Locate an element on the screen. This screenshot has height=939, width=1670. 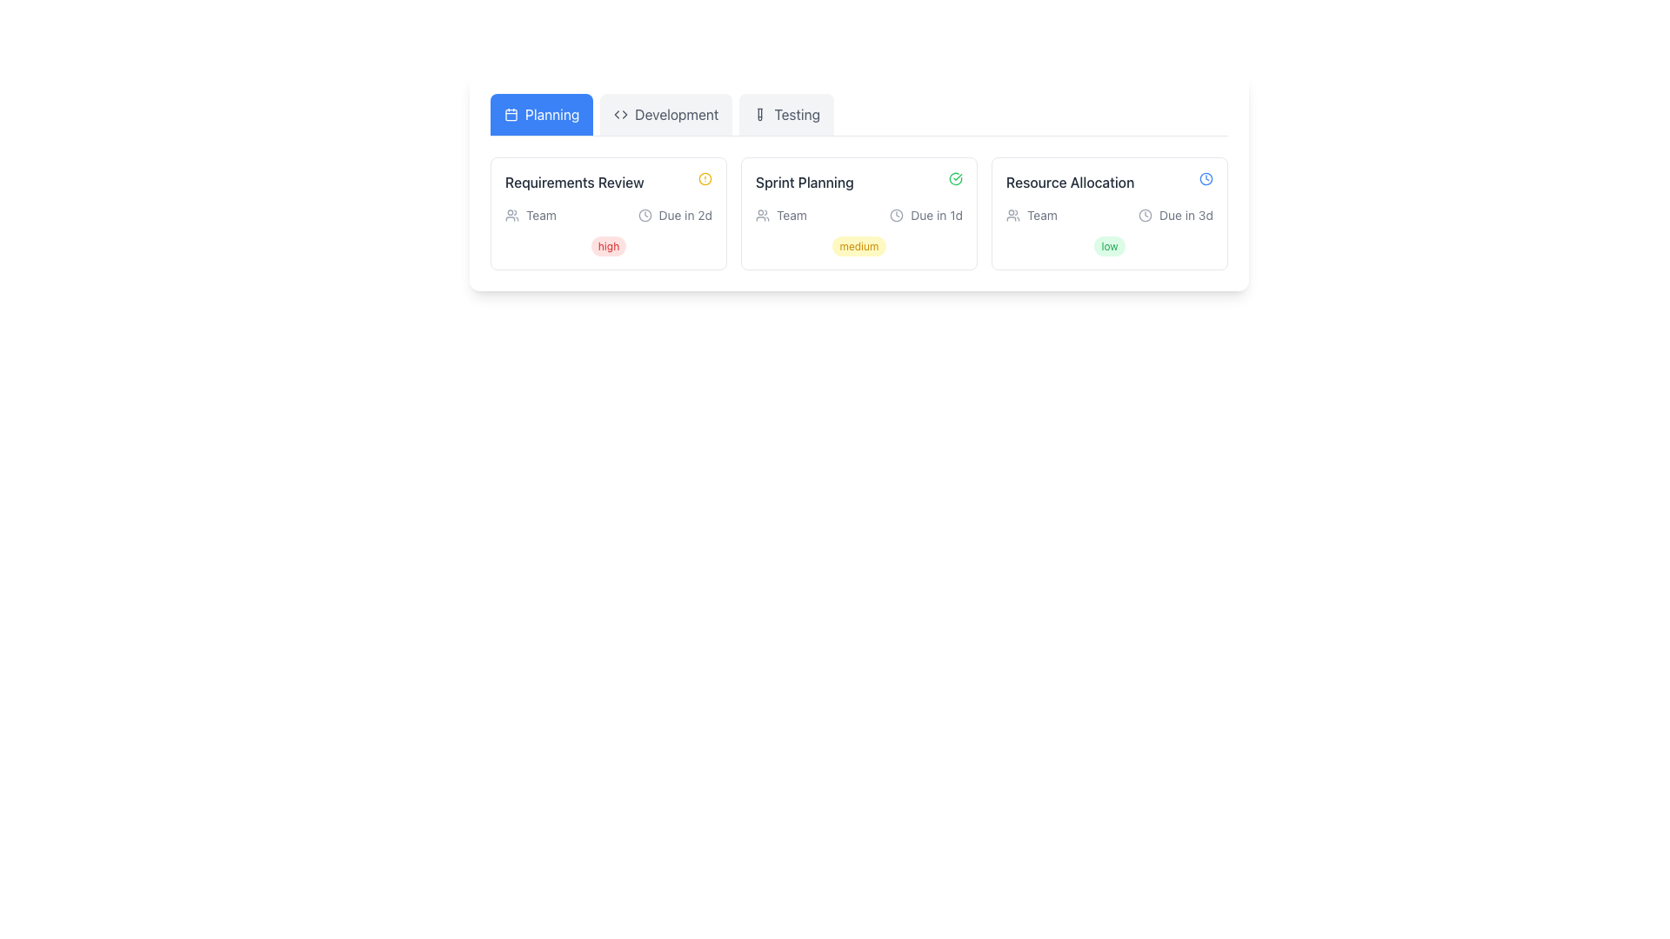
text label displaying 'Team' which is styled in gray font, positioned beneath the 'Sprint Planning' task in the middle column of the Planning section is located at coordinates (791, 214).